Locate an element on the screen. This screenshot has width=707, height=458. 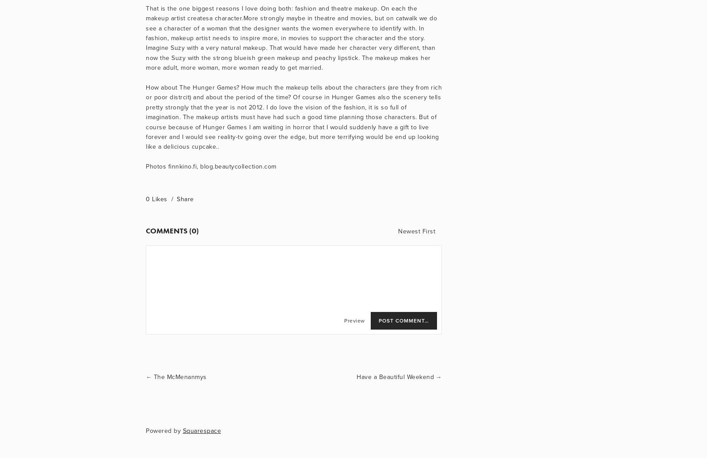
'Preview' is located at coordinates (353, 320).